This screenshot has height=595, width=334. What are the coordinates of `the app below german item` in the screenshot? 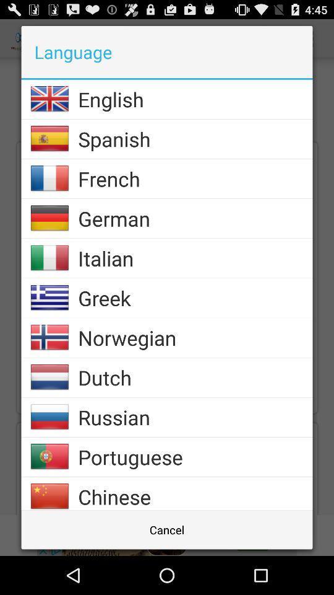 It's located at (195, 257).